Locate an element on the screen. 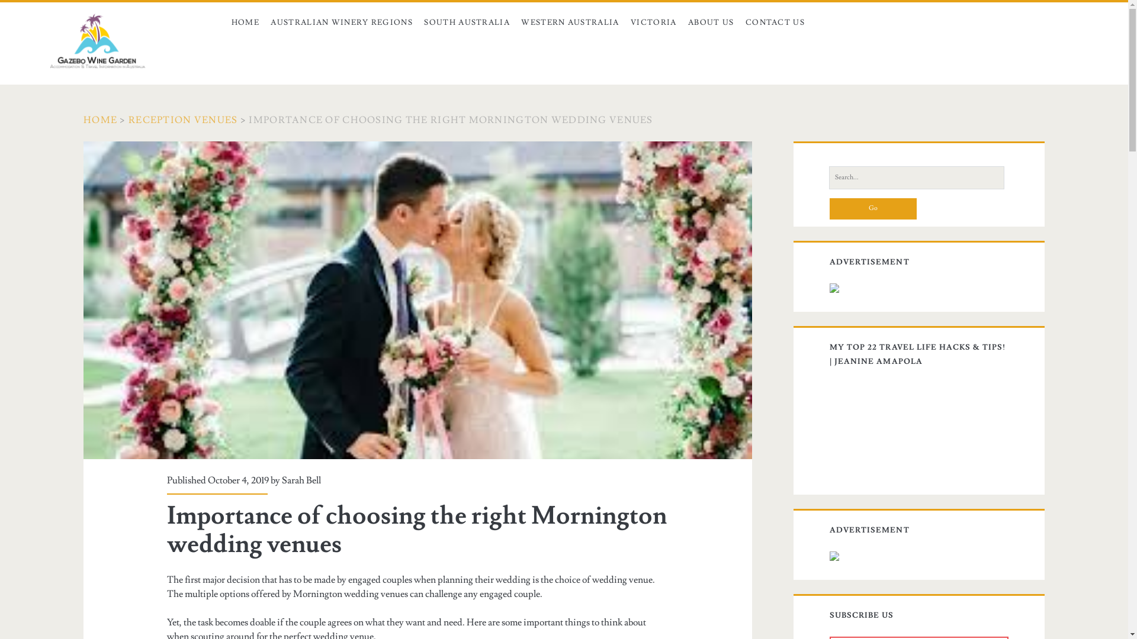 This screenshot has height=639, width=1137. 'RECEPTION VENUES' is located at coordinates (182, 120).